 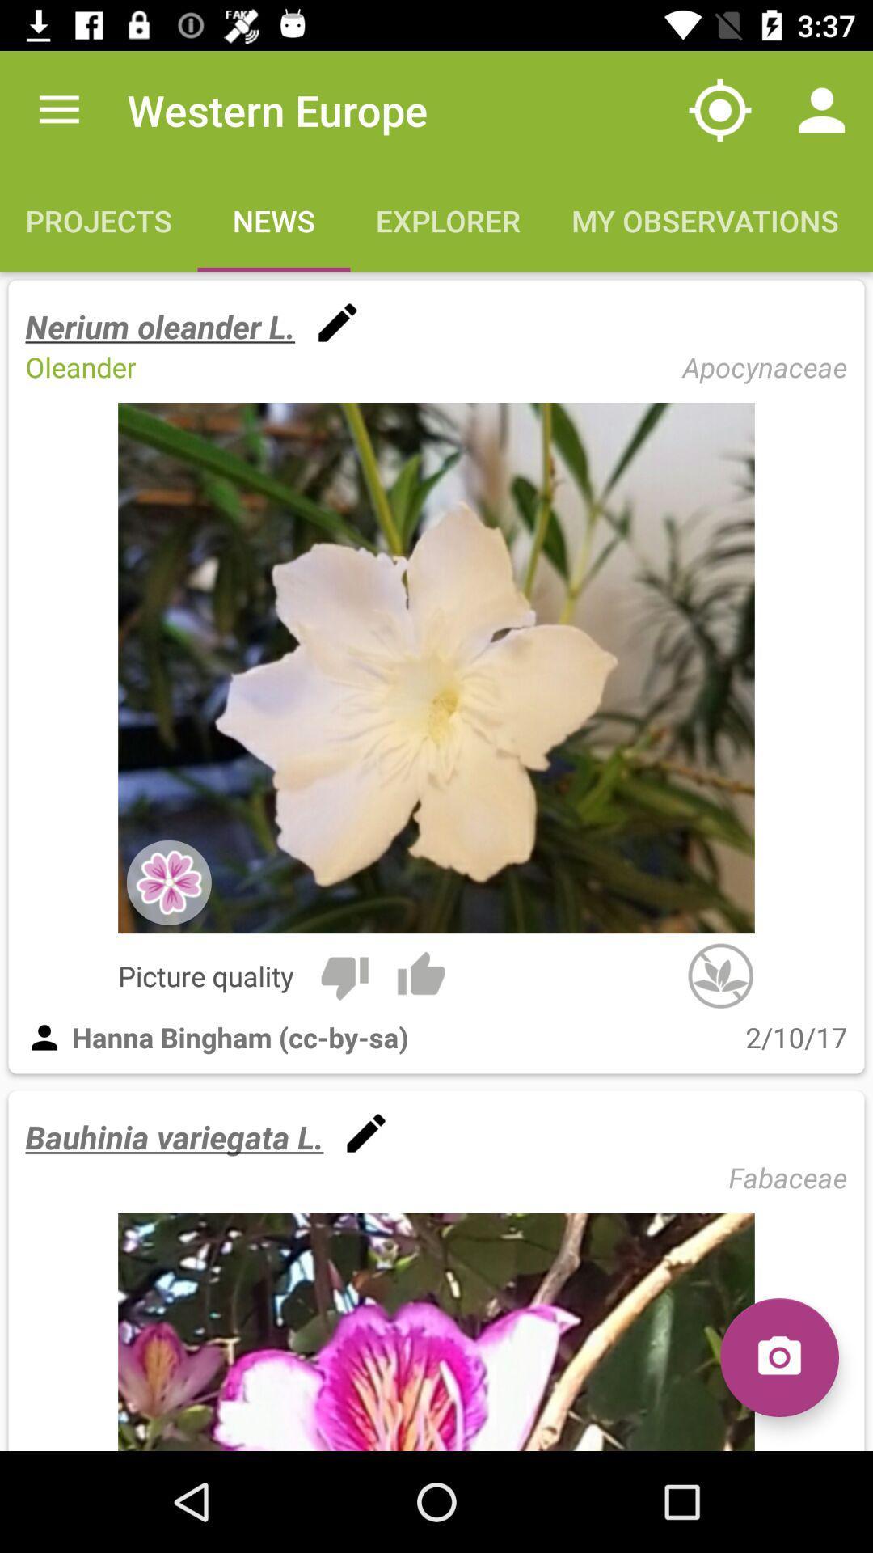 I want to click on item above the oleander item, so click(x=160, y=325).